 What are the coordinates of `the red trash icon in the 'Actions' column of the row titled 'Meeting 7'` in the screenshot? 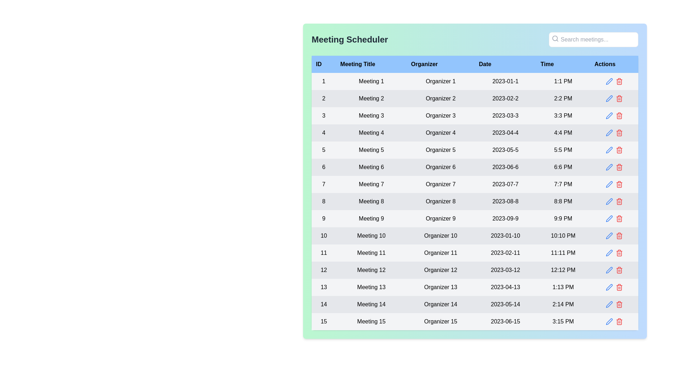 It's located at (614, 184).